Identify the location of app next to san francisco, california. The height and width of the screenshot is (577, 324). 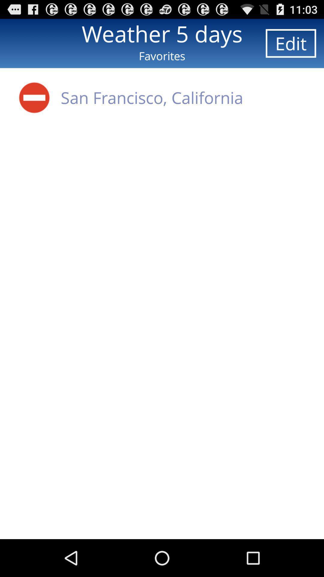
(34, 97).